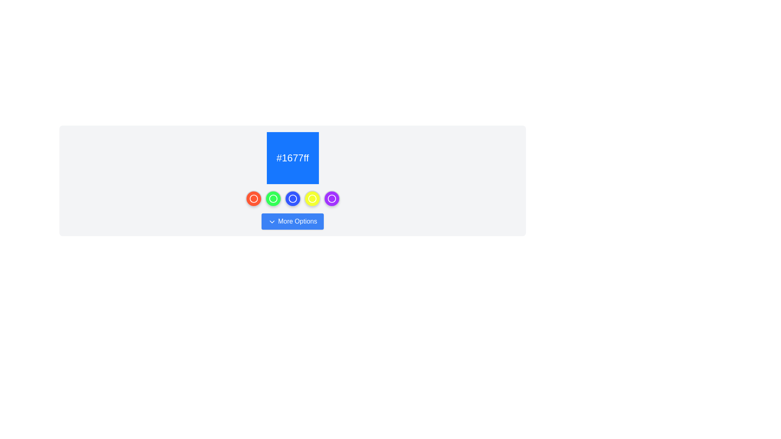 Image resolution: width=781 pixels, height=439 pixels. What do you see at coordinates (272, 222) in the screenshot?
I see `the chevron icon located to the left of the 'More Options' button` at bounding box center [272, 222].